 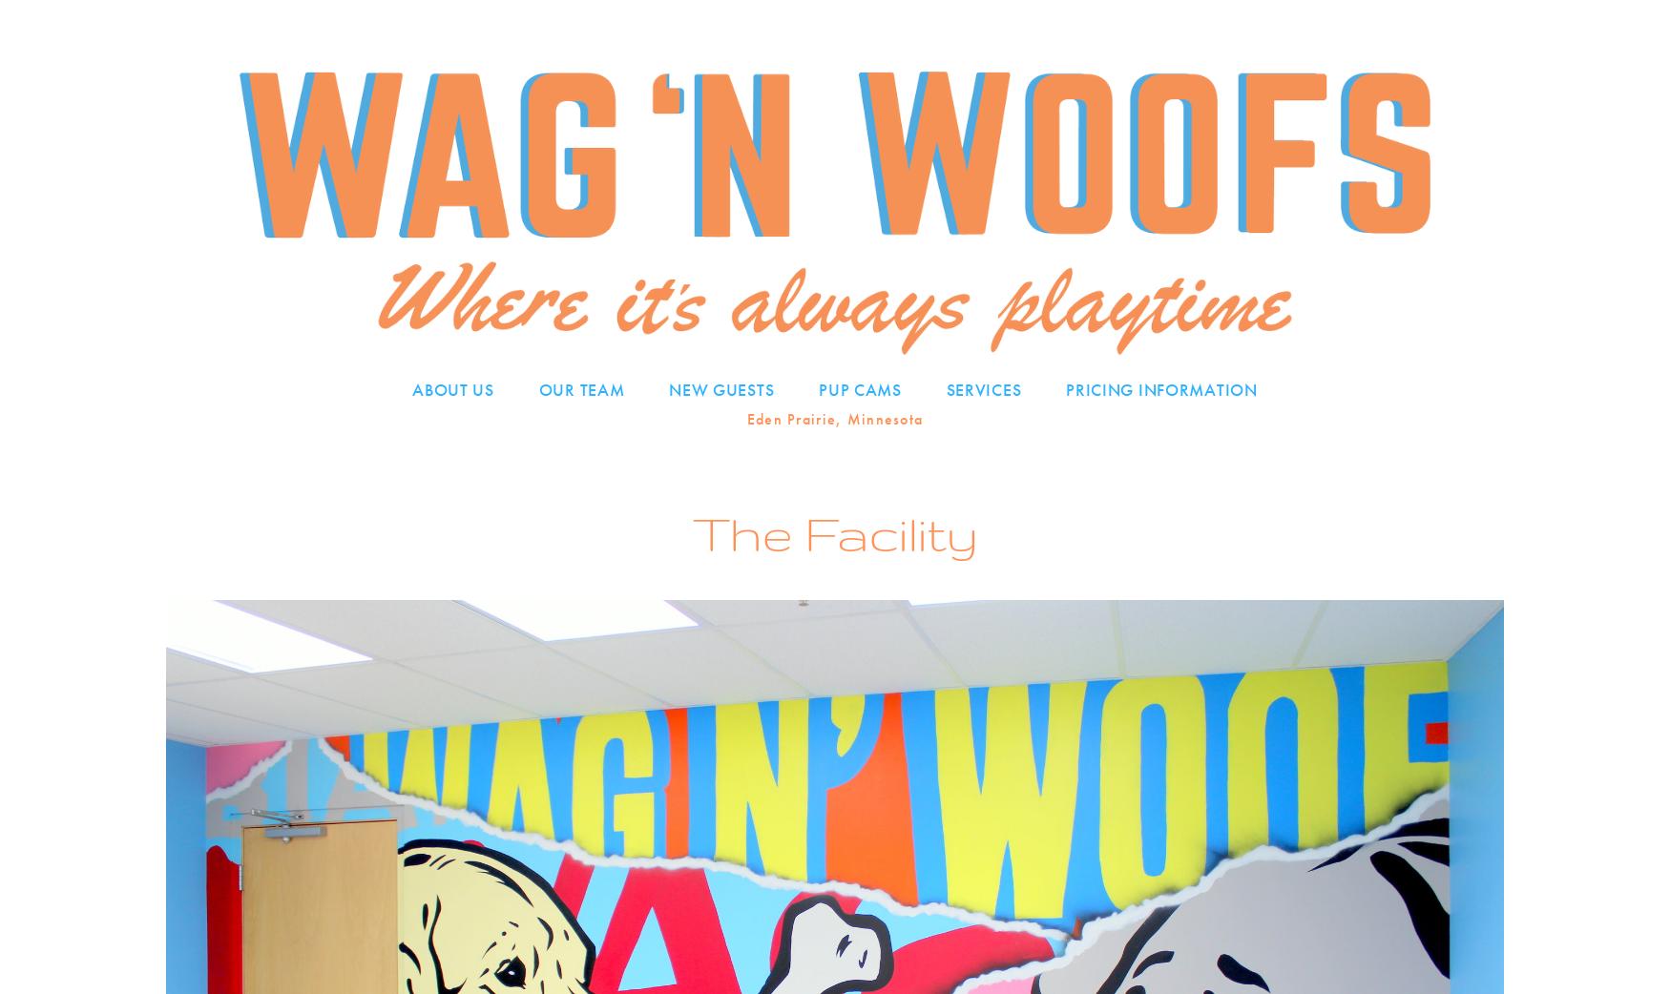 What do you see at coordinates (834, 530) in the screenshot?
I see `'The Facility'` at bounding box center [834, 530].